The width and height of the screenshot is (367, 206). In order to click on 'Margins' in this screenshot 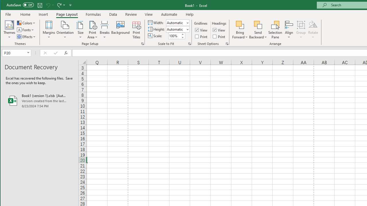, I will do `click(49, 30)`.